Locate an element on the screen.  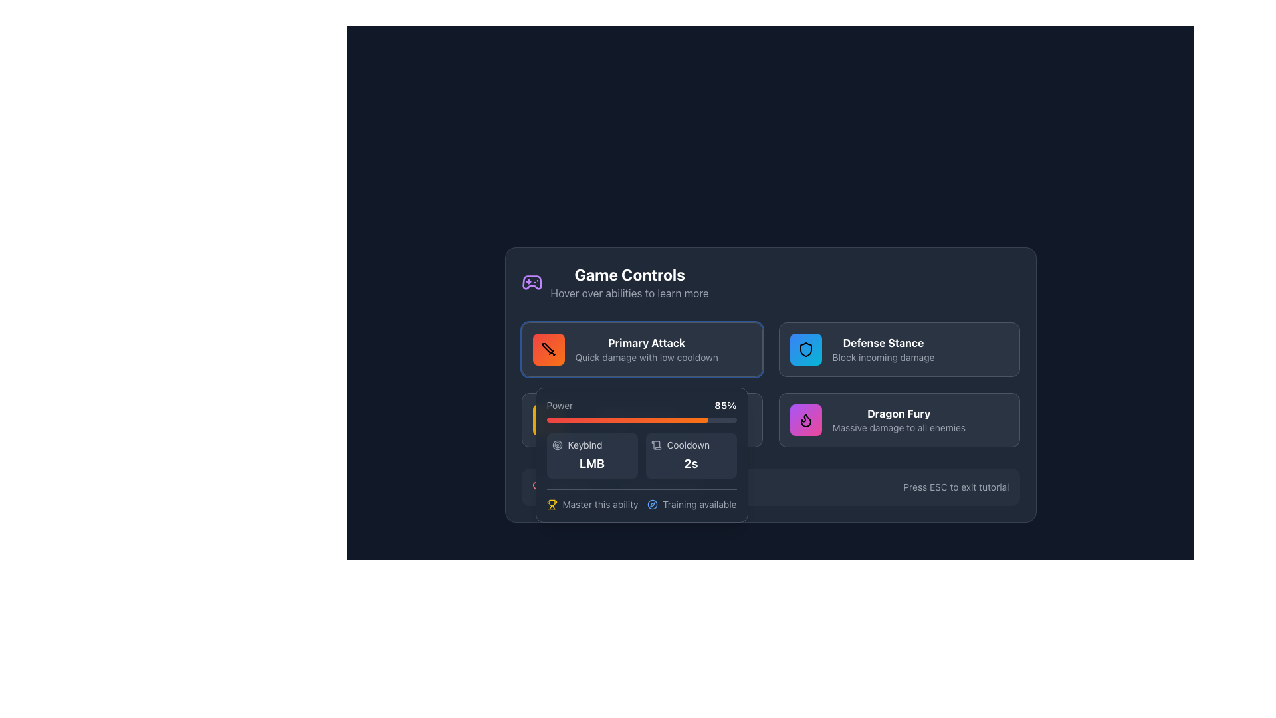
the cooldown duration label located in the UI, which is positioned above the '2s' numeric indicator and to the right of a scroll icon, to access related functionality or information is located at coordinates (691, 445).